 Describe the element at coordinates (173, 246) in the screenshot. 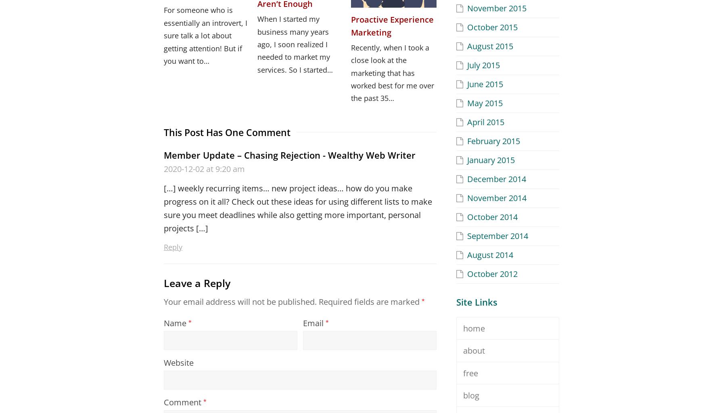

I see `'Reply'` at that location.